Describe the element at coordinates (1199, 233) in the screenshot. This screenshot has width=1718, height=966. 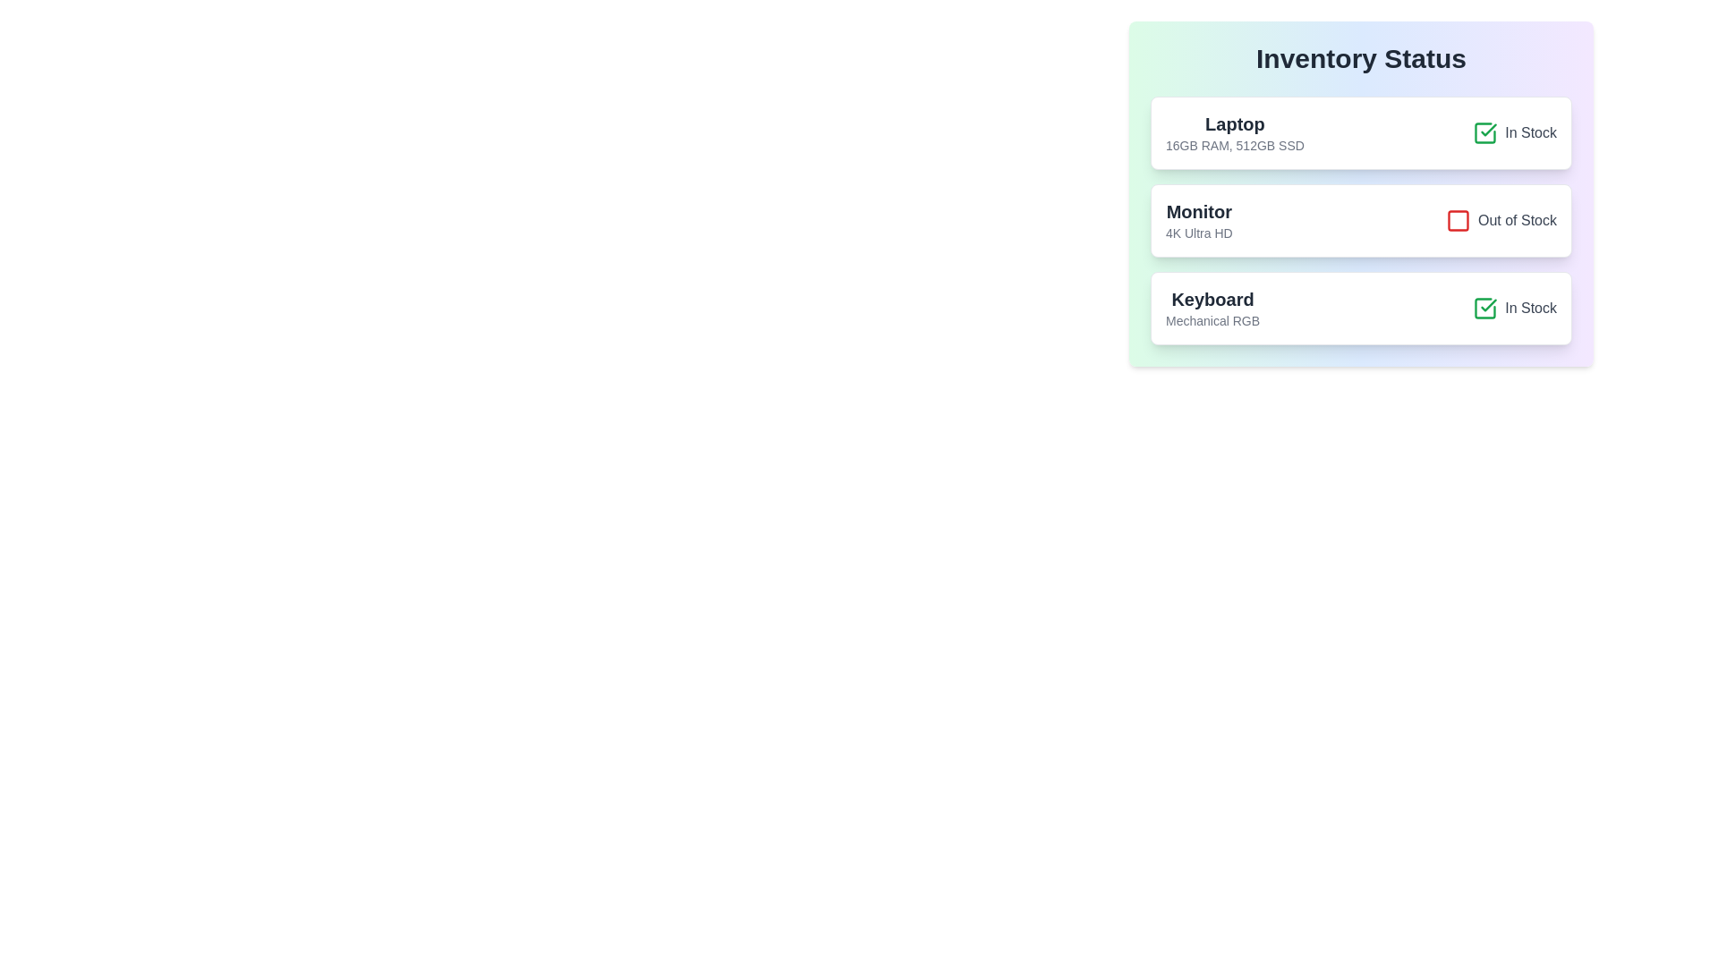
I see `the text label '4K Ultra HD' located below the 'Monitor' label in the product information card` at that location.